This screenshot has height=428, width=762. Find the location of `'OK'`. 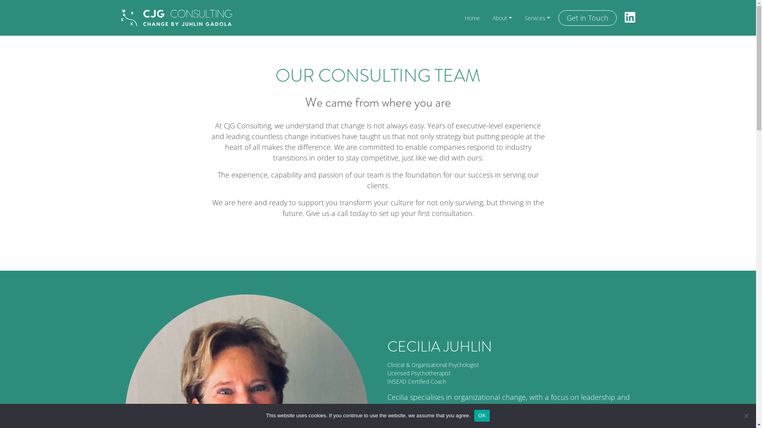

'OK' is located at coordinates (481, 415).